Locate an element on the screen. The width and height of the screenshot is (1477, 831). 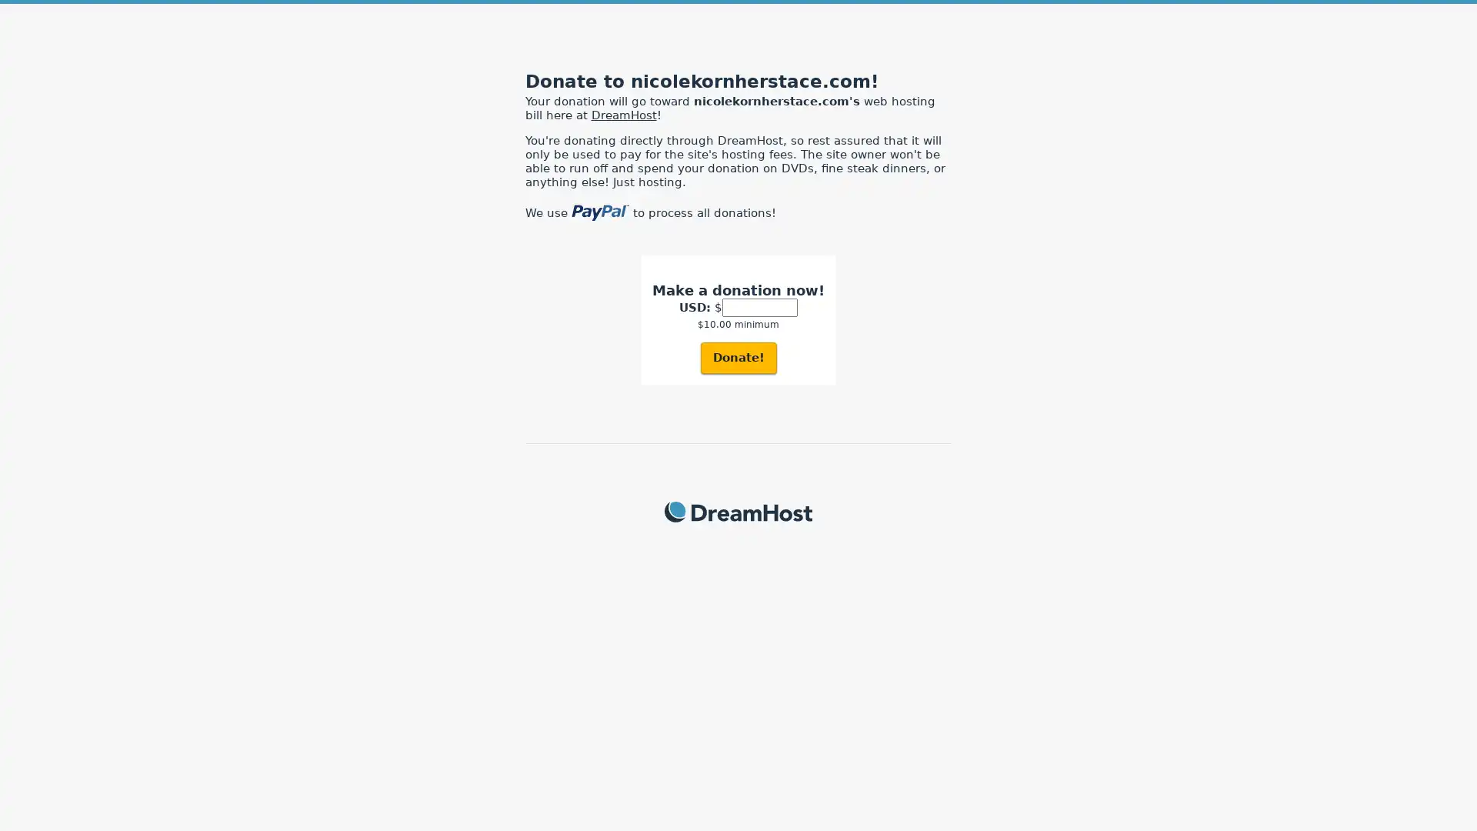
Donate! is located at coordinates (737, 357).